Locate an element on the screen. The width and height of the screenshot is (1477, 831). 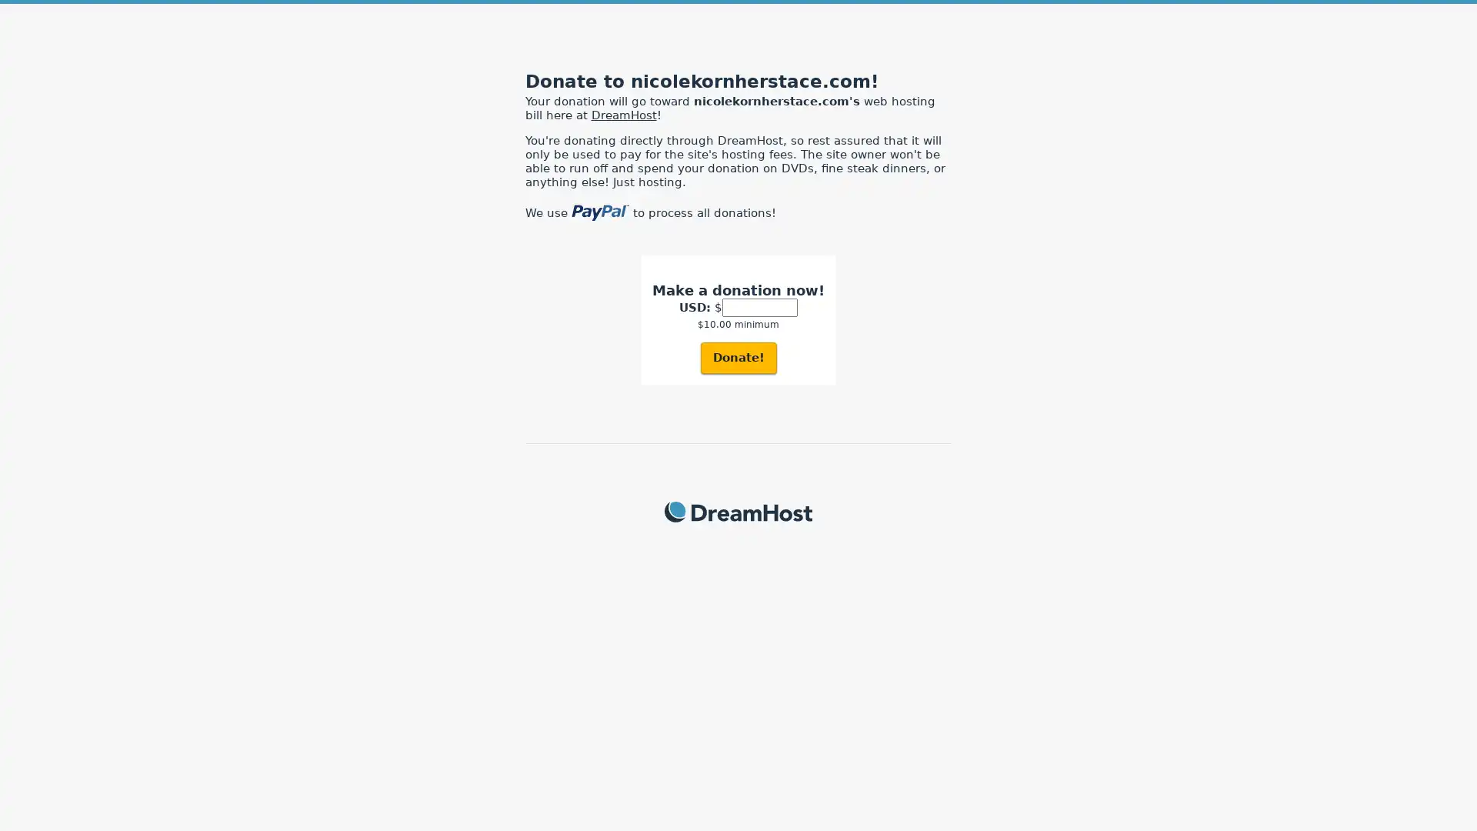
Donate! is located at coordinates (737, 357).